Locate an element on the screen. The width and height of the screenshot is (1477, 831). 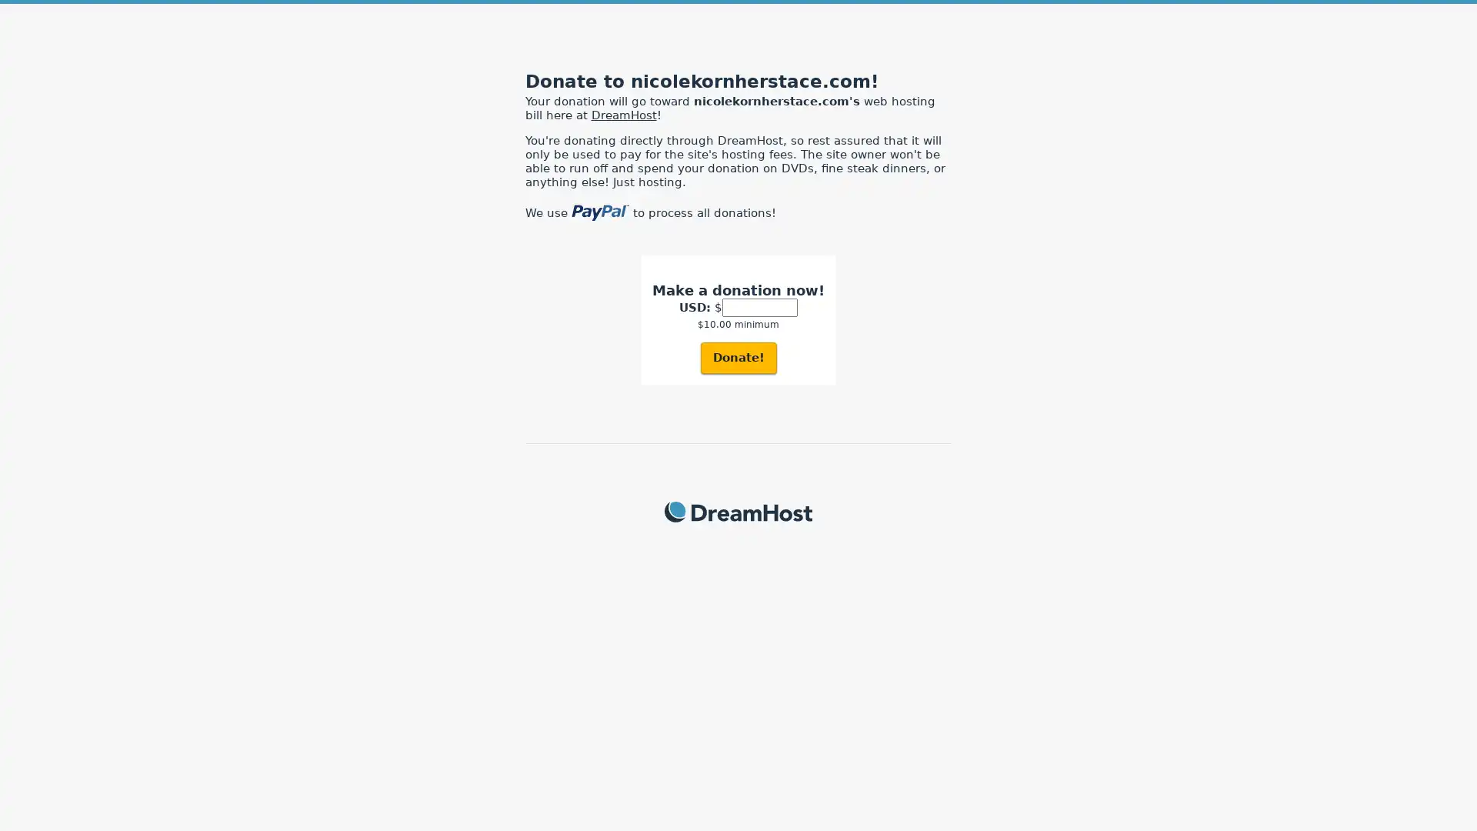
Donate! is located at coordinates (737, 357).